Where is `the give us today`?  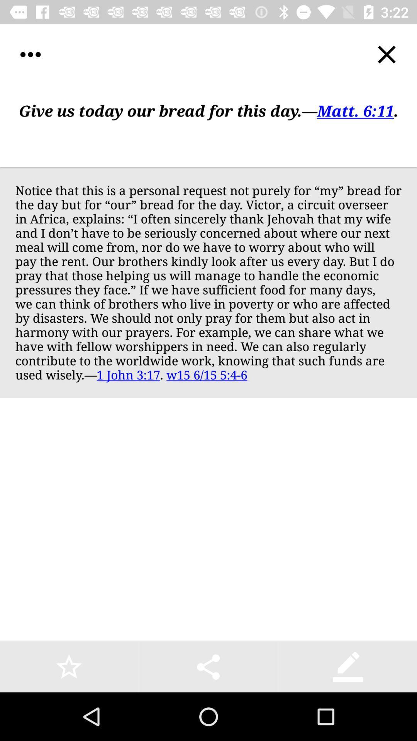
the give us today is located at coordinates (208, 126).